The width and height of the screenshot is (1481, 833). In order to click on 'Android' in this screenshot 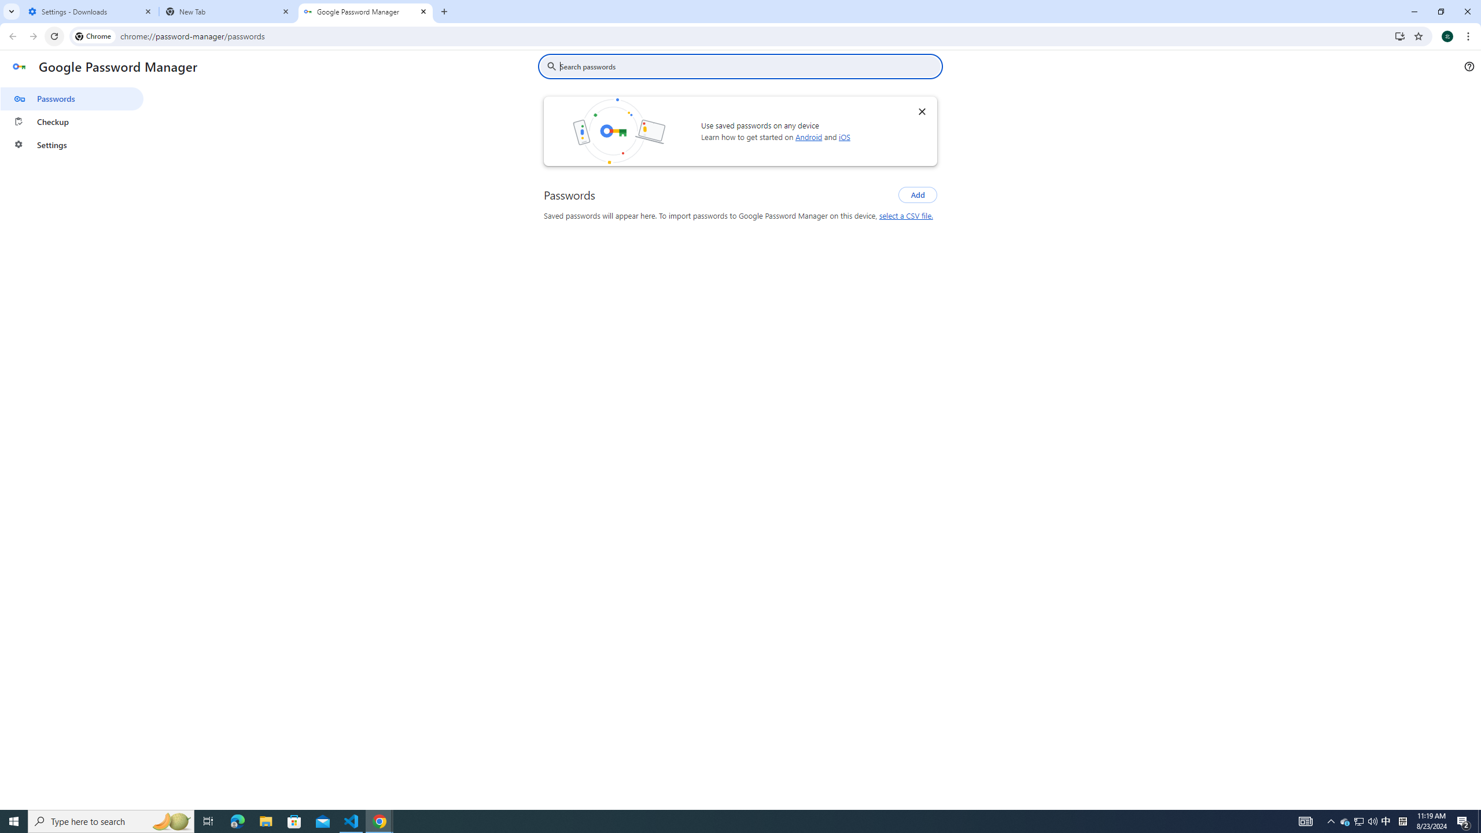, I will do `click(808, 136)`.